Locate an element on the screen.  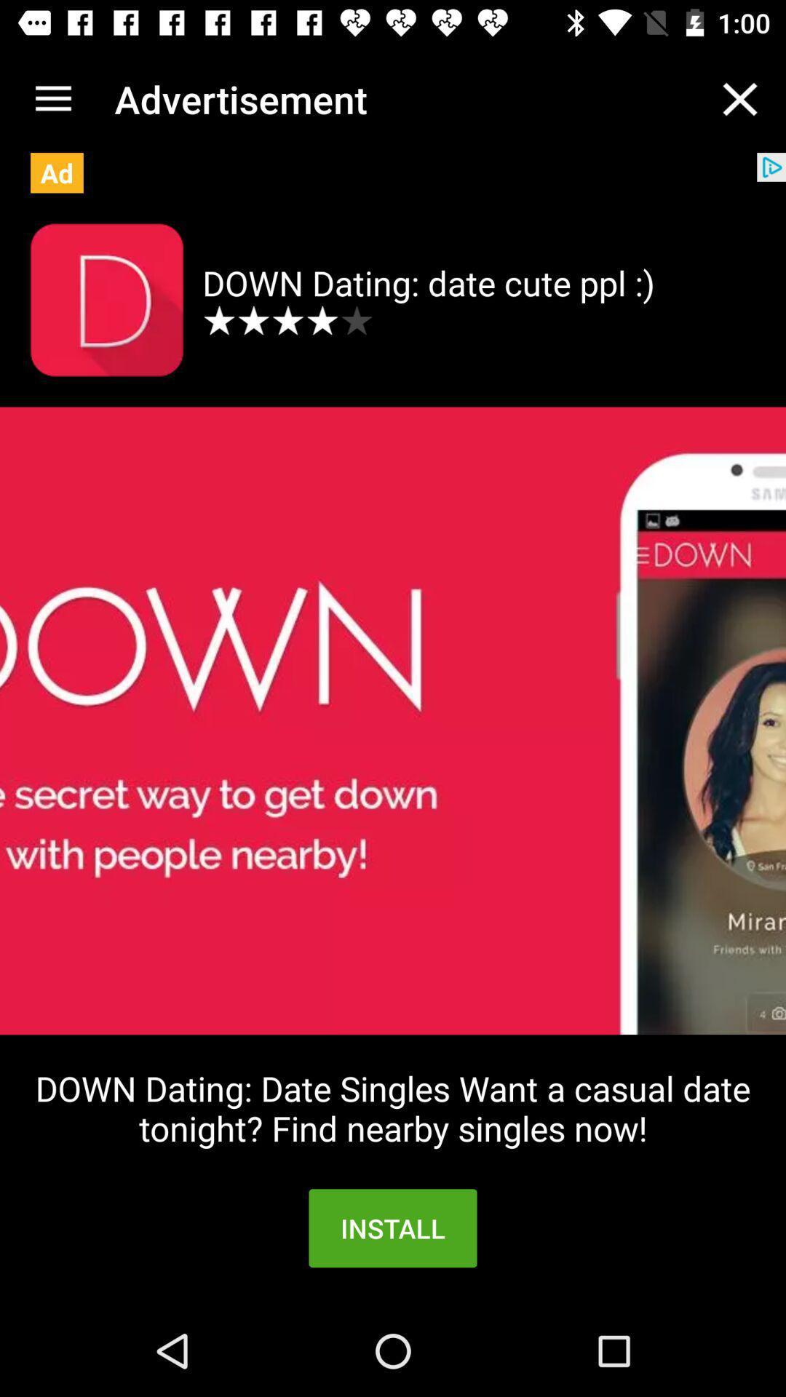
the item next to advertisement app is located at coordinates (740, 98).